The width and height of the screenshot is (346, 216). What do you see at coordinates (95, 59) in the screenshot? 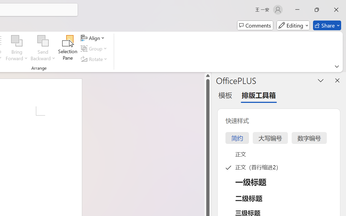
I see `'Rotate'` at bounding box center [95, 59].